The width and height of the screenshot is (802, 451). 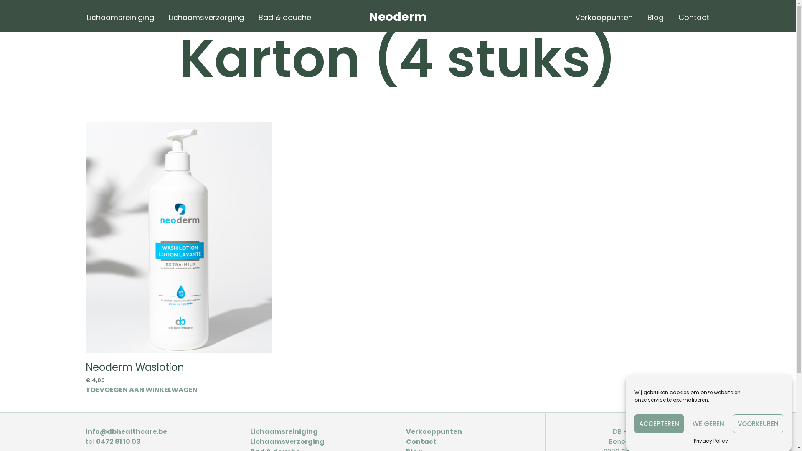 I want to click on 'TOEVOEGEN AAN WINKELWAGEN', so click(x=142, y=389).